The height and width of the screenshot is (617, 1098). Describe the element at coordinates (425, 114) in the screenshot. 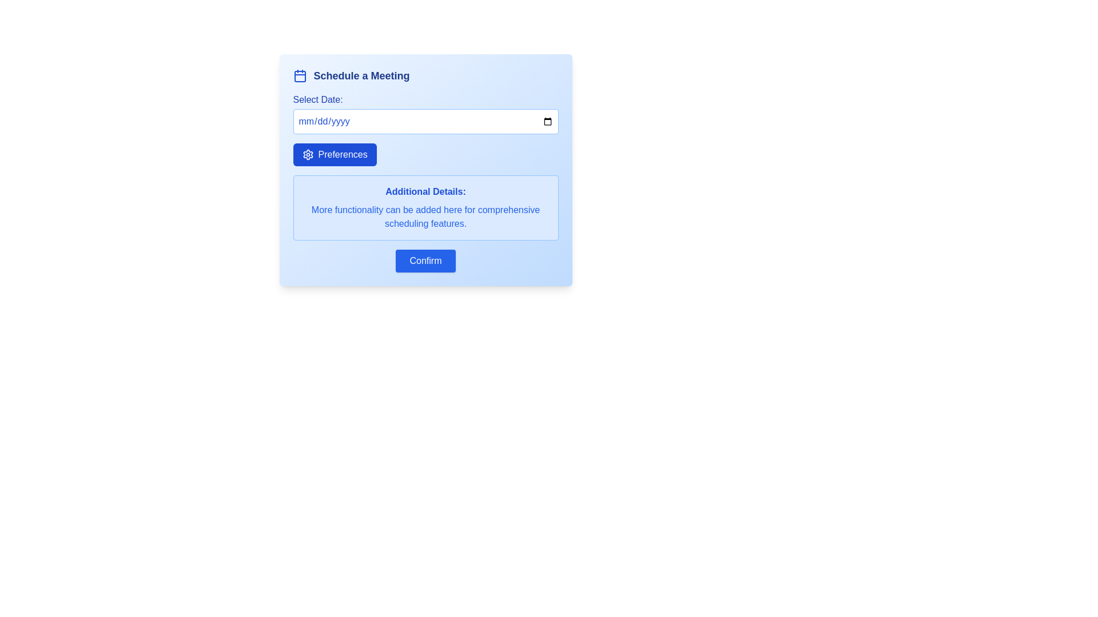

I see `the Date Picker Input Field located below the title 'Schedule a Meeting' and above the 'Preferences' button` at that location.